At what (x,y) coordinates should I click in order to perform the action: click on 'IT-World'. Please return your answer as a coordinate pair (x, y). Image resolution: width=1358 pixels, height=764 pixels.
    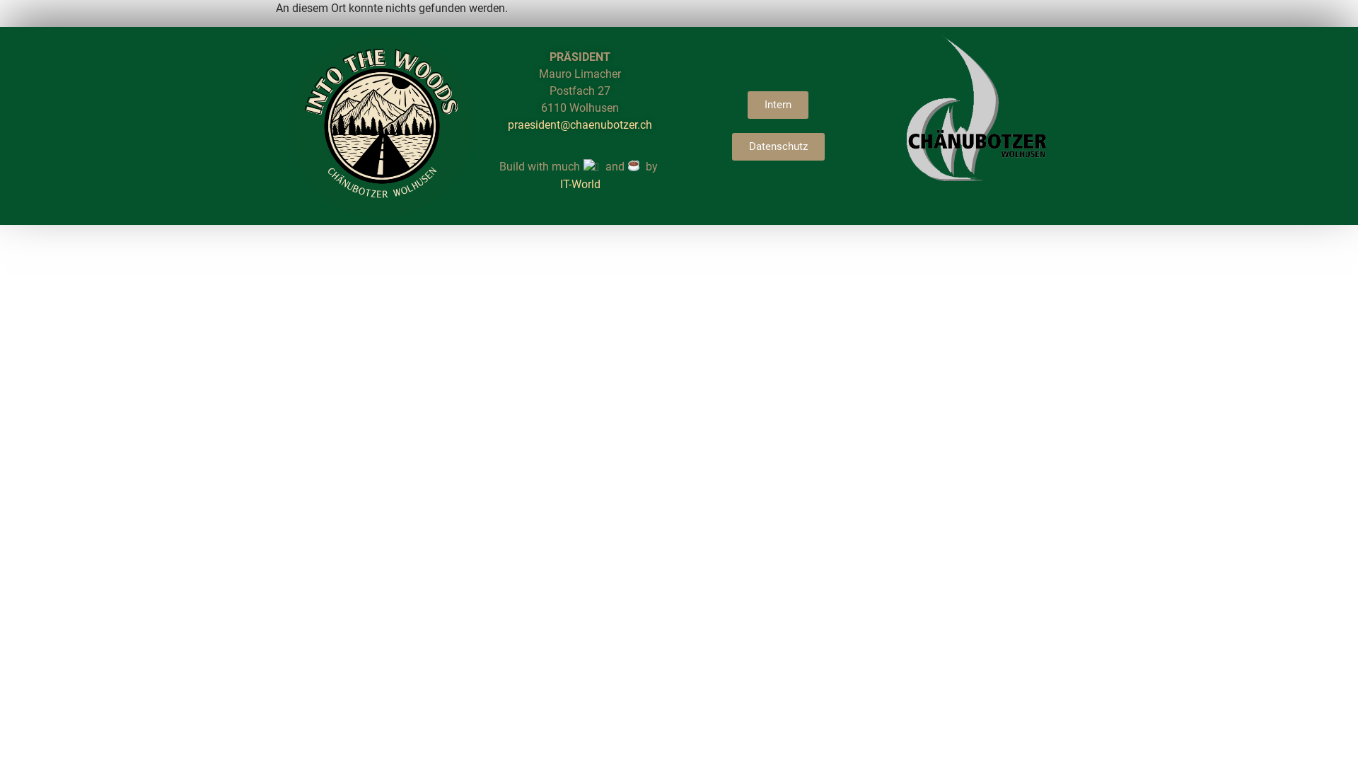
    Looking at the image, I should click on (580, 183).